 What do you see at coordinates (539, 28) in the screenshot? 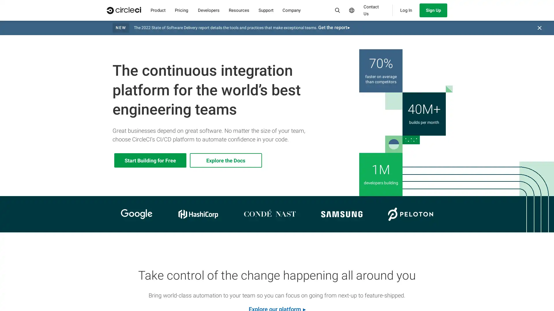
I see `Close banner` at bounding box center [539, 28].